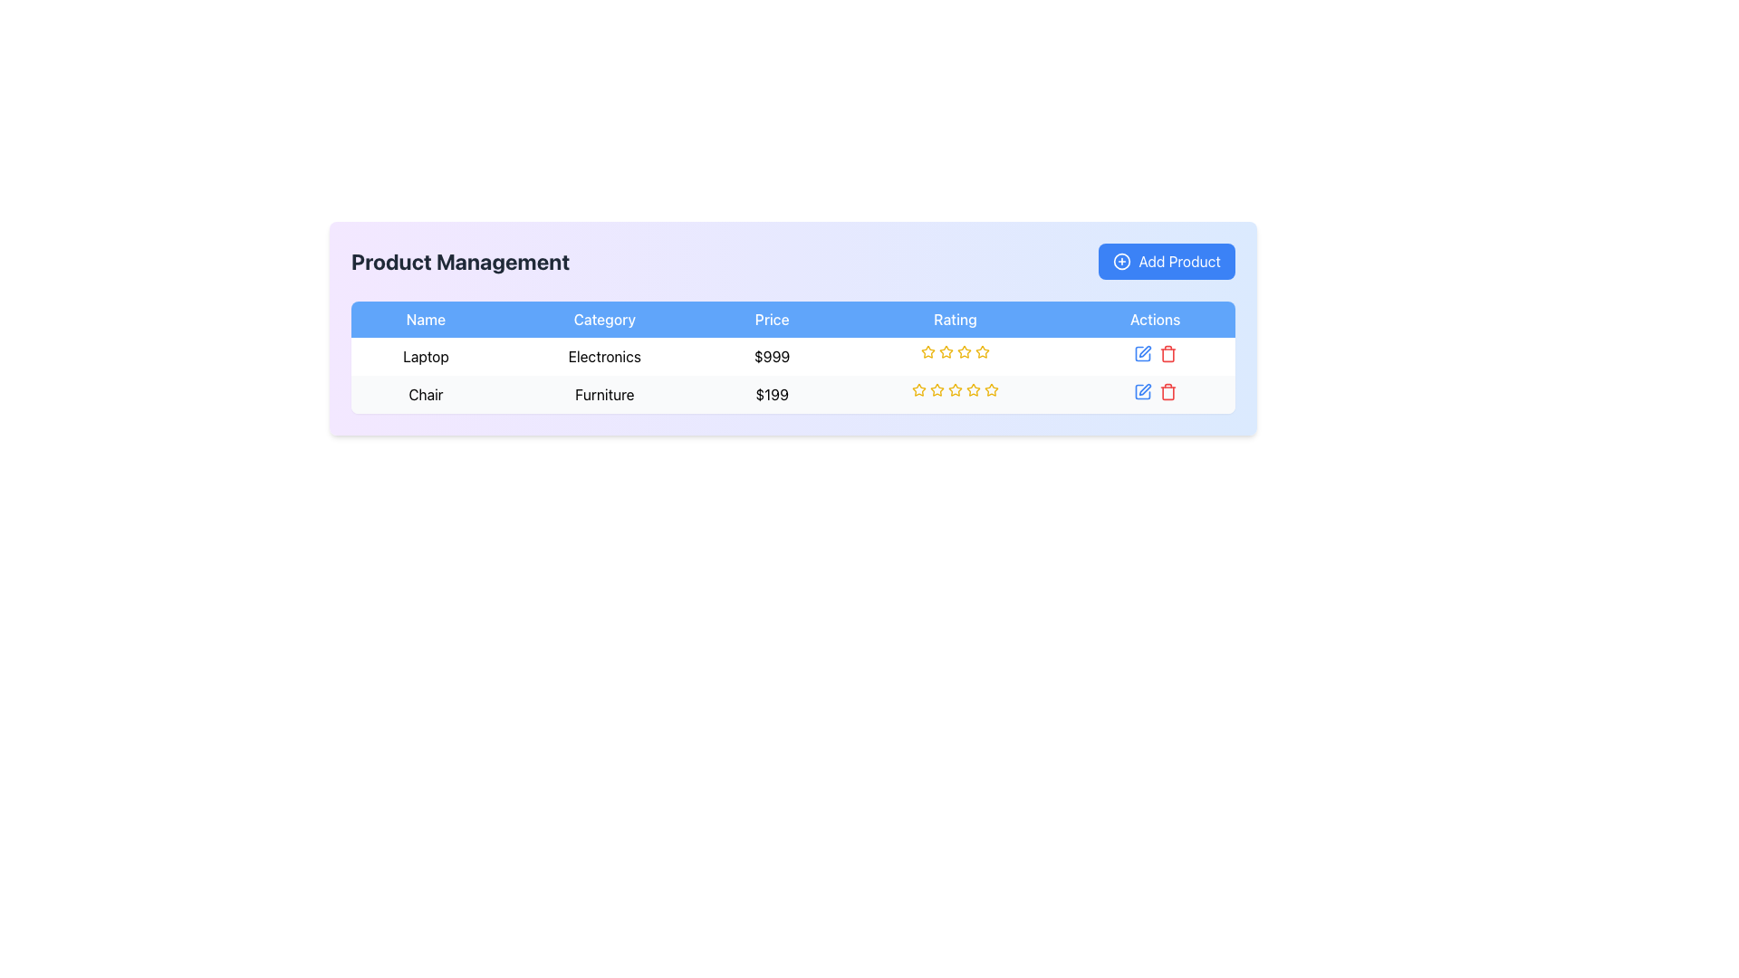  I want to click on text of the label indicating the category description of the product in the second column of the first row in the table, which is positioned between 'Laptop' and '$999', so click(604, 356).